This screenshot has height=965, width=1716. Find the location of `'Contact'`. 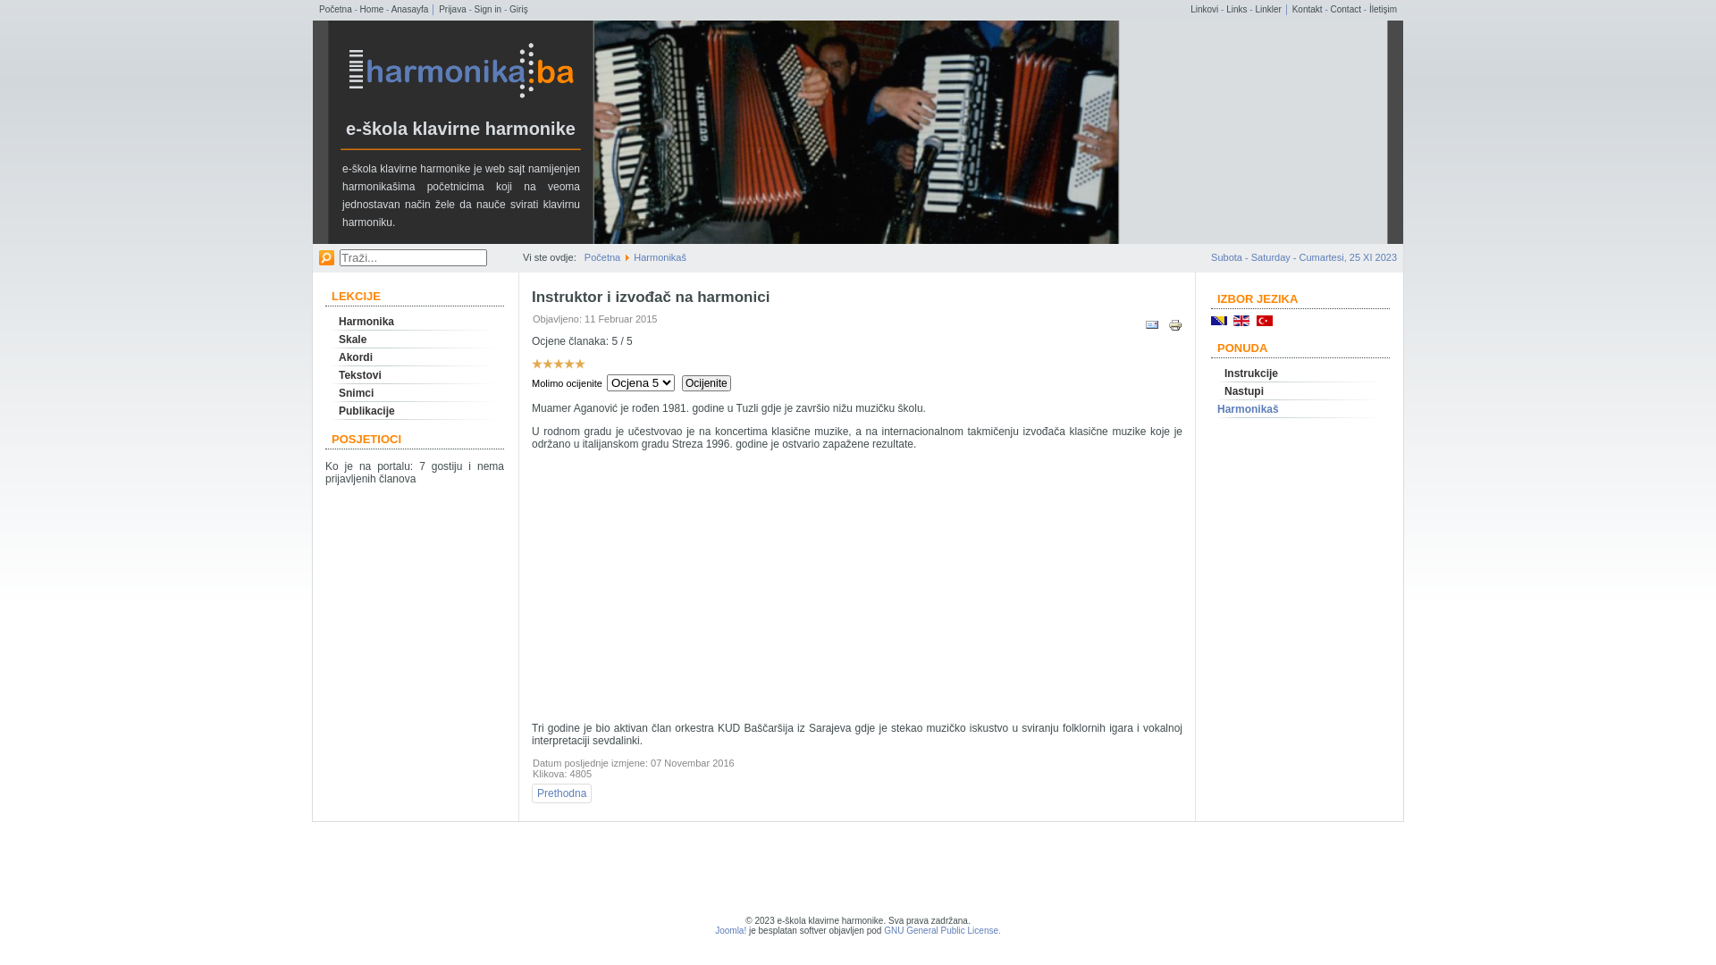

'Contact' is located at coordinates (1330, 9).